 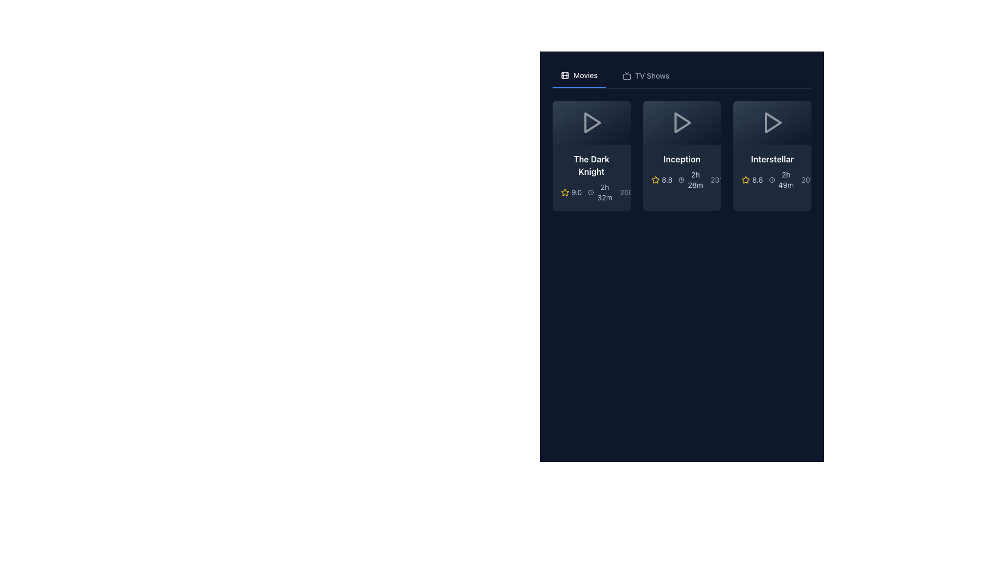 I want to click on the star icon located in the 'Interstellar' movie card, which is positioned beneath the movie title to interact with its associated functionality, so click(x=745, y=179).